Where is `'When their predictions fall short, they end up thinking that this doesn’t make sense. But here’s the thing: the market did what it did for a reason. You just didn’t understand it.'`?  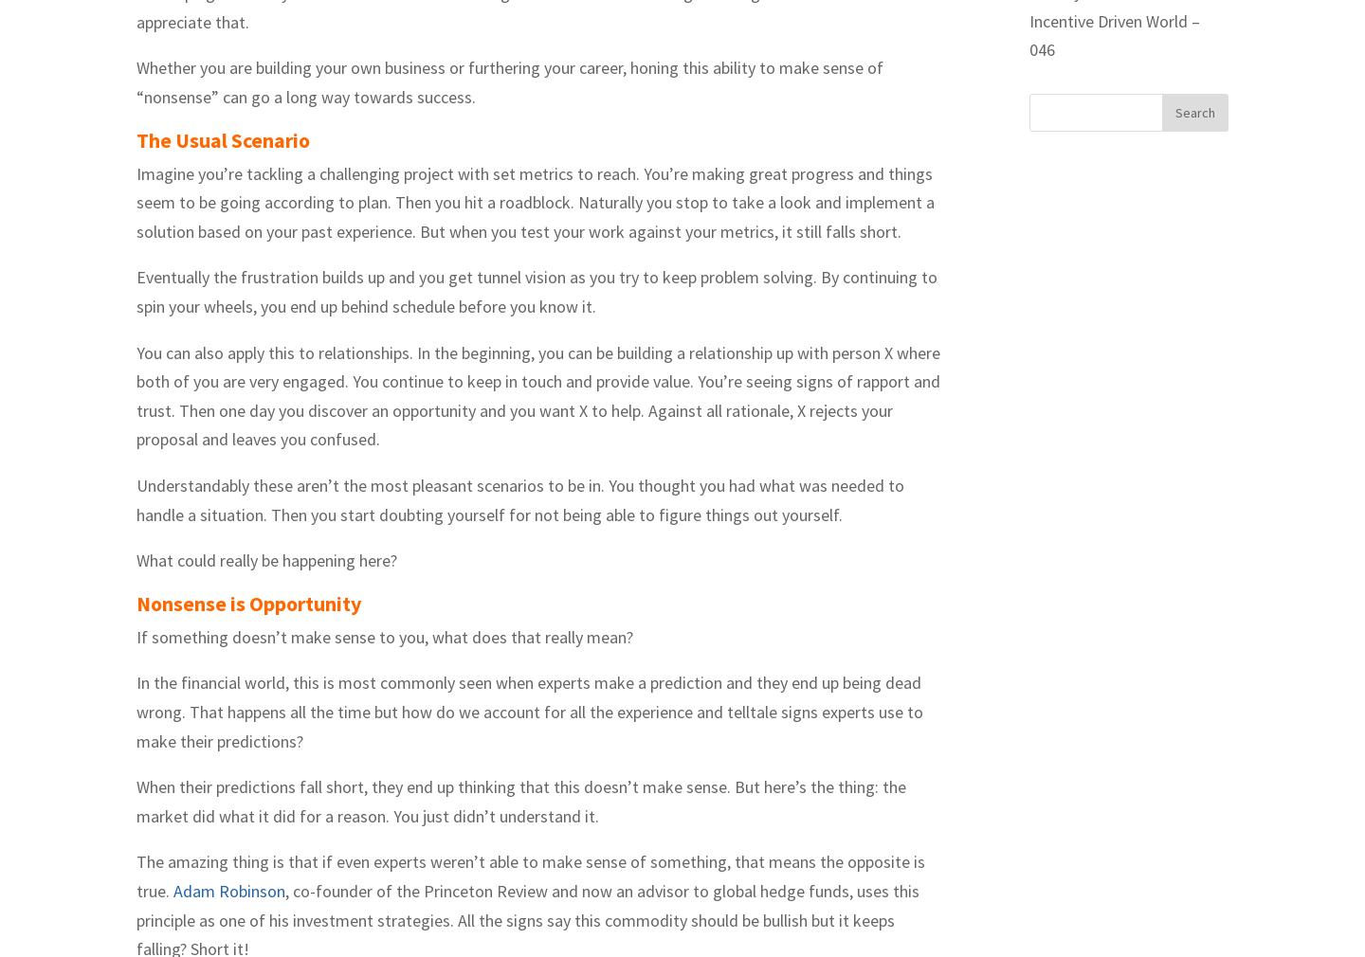
'When their predictions fall short, they end up thinking that this doesn’t make sense. But here’s the thing: the market did what it did for a reason. You just didn’t understand it.' is located at coordinates (520, 801).